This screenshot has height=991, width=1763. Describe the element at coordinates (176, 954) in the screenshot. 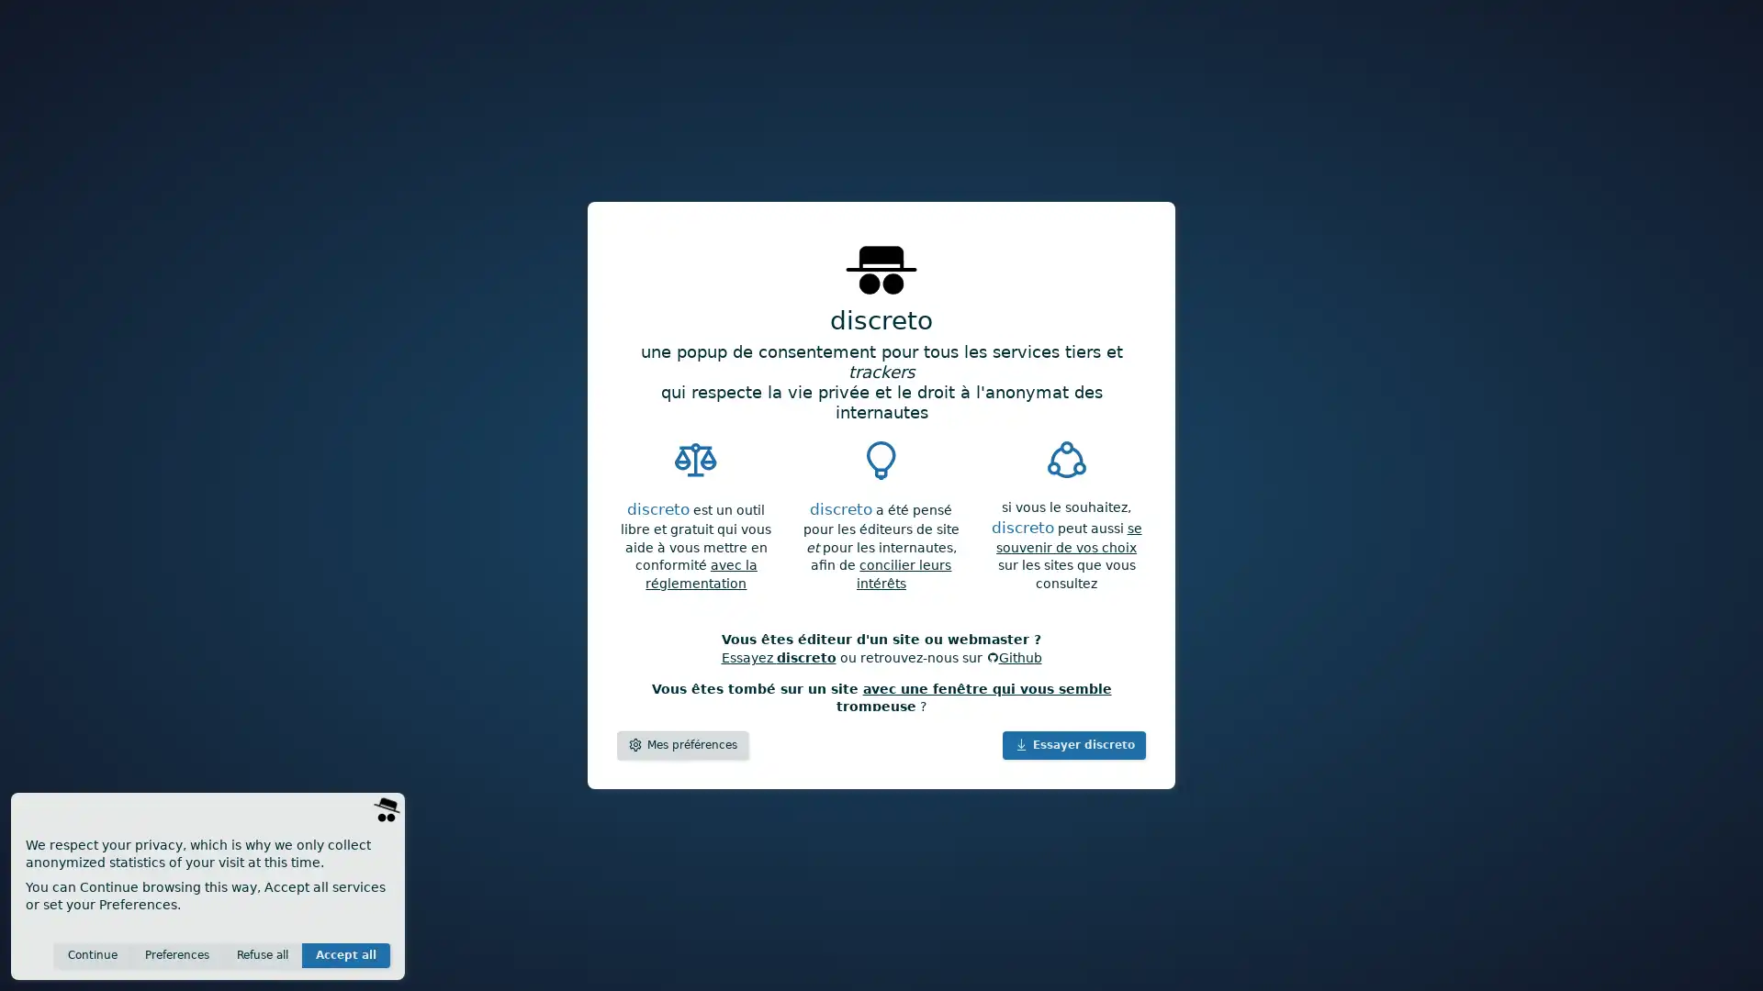

I see `Preferences` at that location.